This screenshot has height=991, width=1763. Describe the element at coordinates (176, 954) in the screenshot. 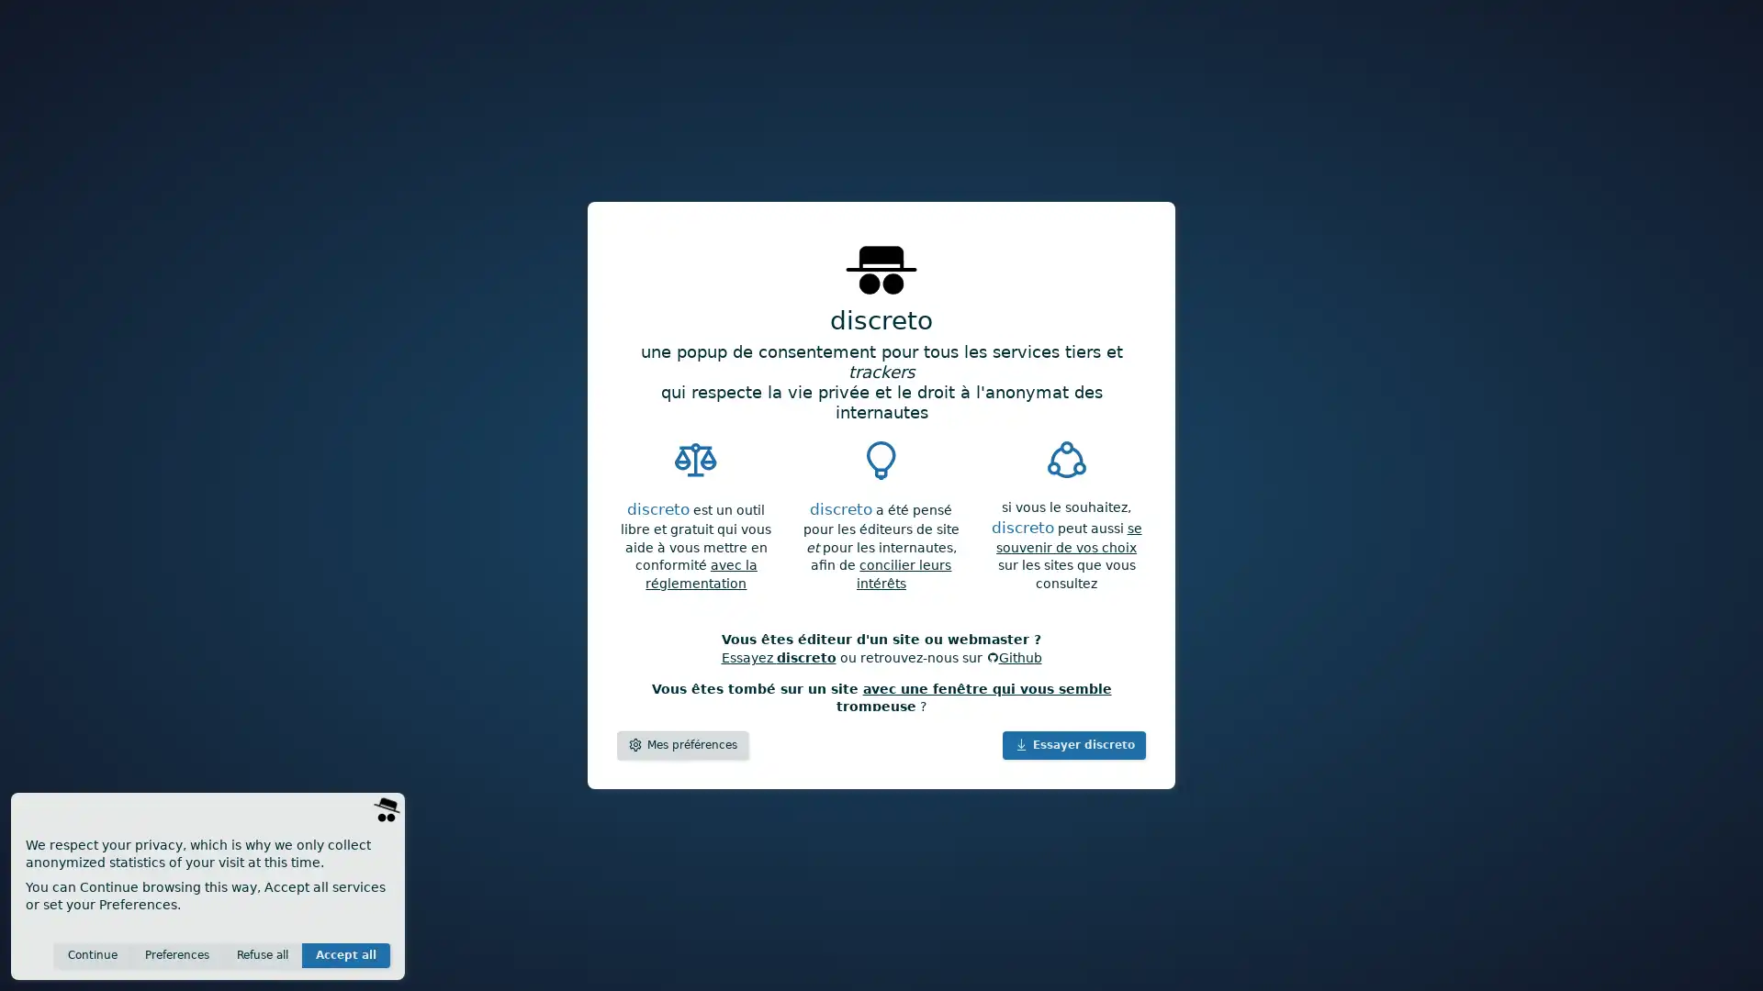

I see `Preferences` at that location.